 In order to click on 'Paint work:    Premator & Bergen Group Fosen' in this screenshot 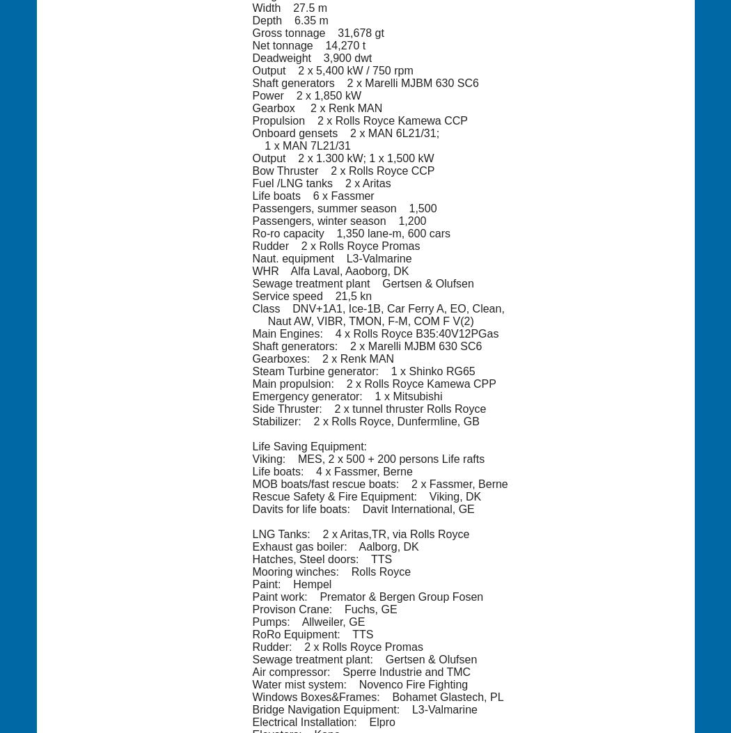, I will do `click(368, 595)`.